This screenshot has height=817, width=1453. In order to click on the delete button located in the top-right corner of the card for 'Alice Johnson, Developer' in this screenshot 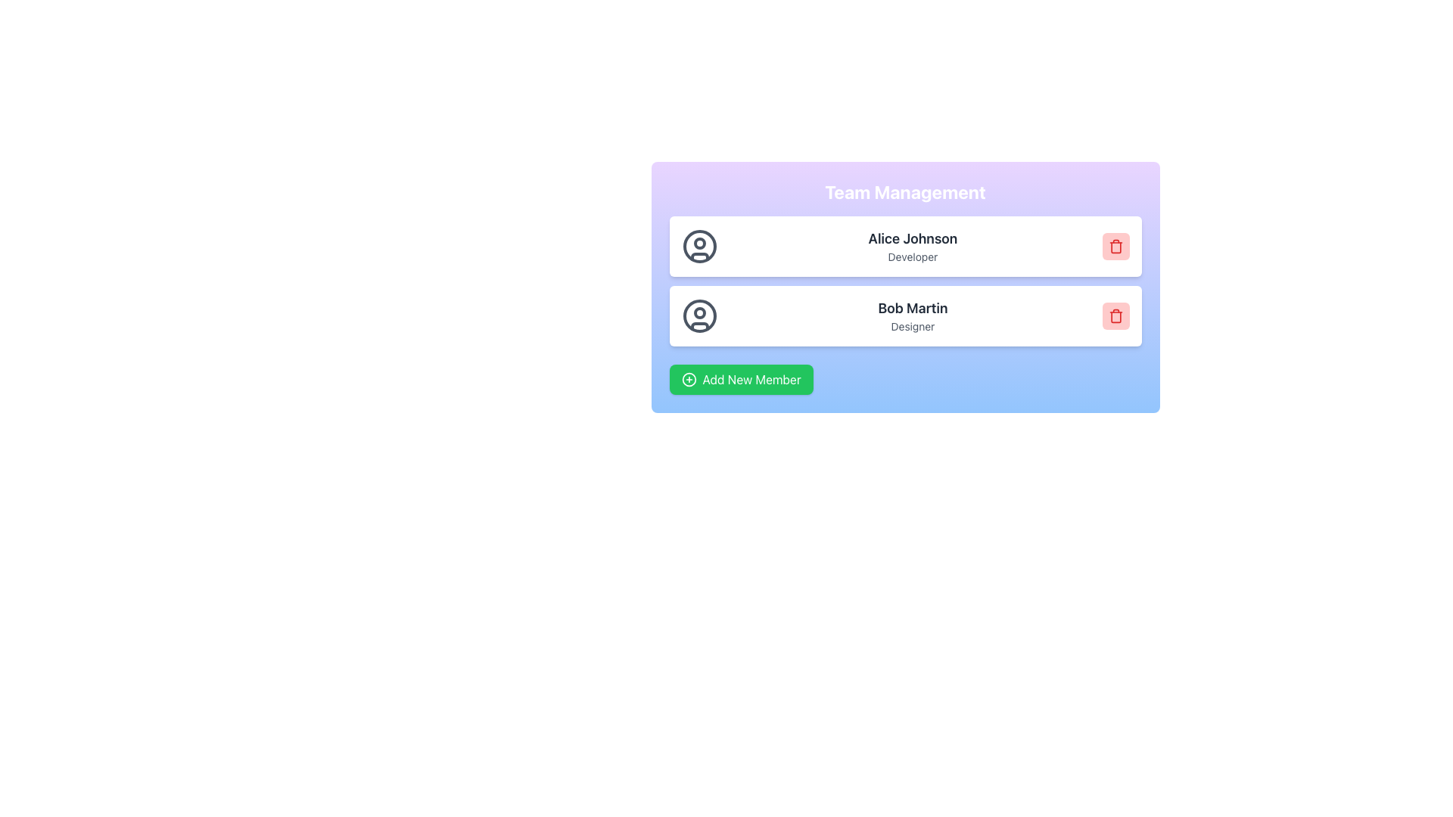, I will do `click(1115, 246)`.